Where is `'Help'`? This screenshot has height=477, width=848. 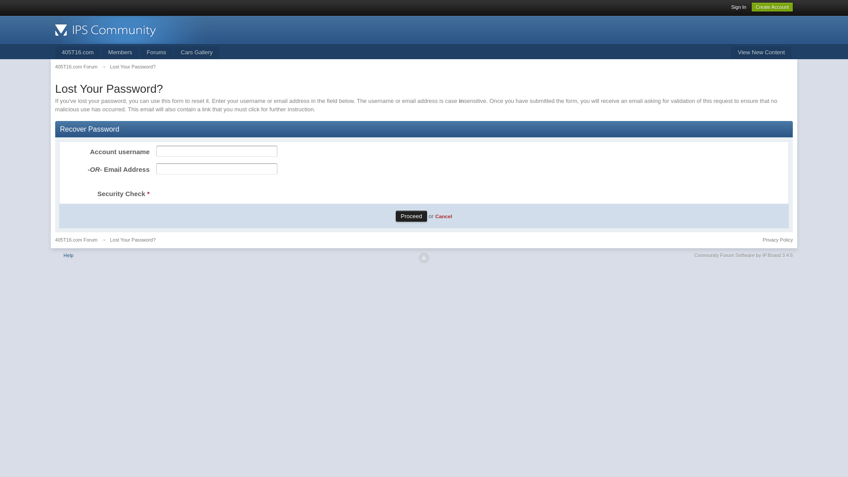 'Help' is located at coordinates (68, 255).